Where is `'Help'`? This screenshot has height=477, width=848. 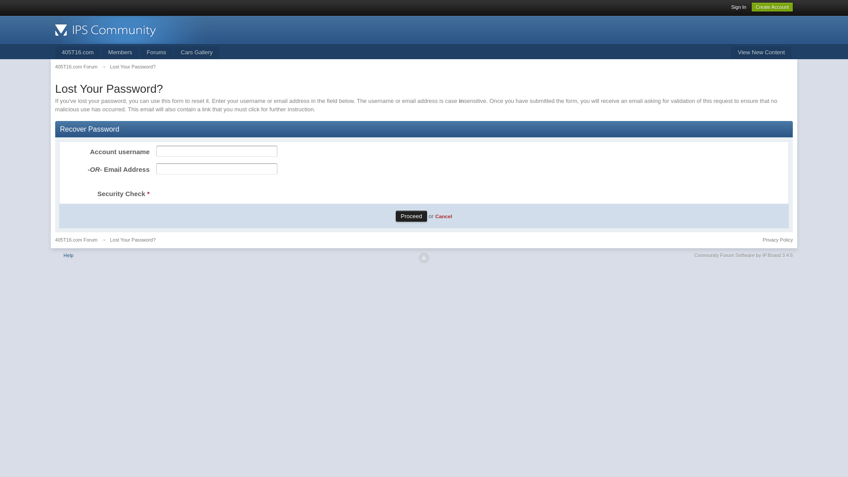 'Help' is located at coordinates (68, 255).